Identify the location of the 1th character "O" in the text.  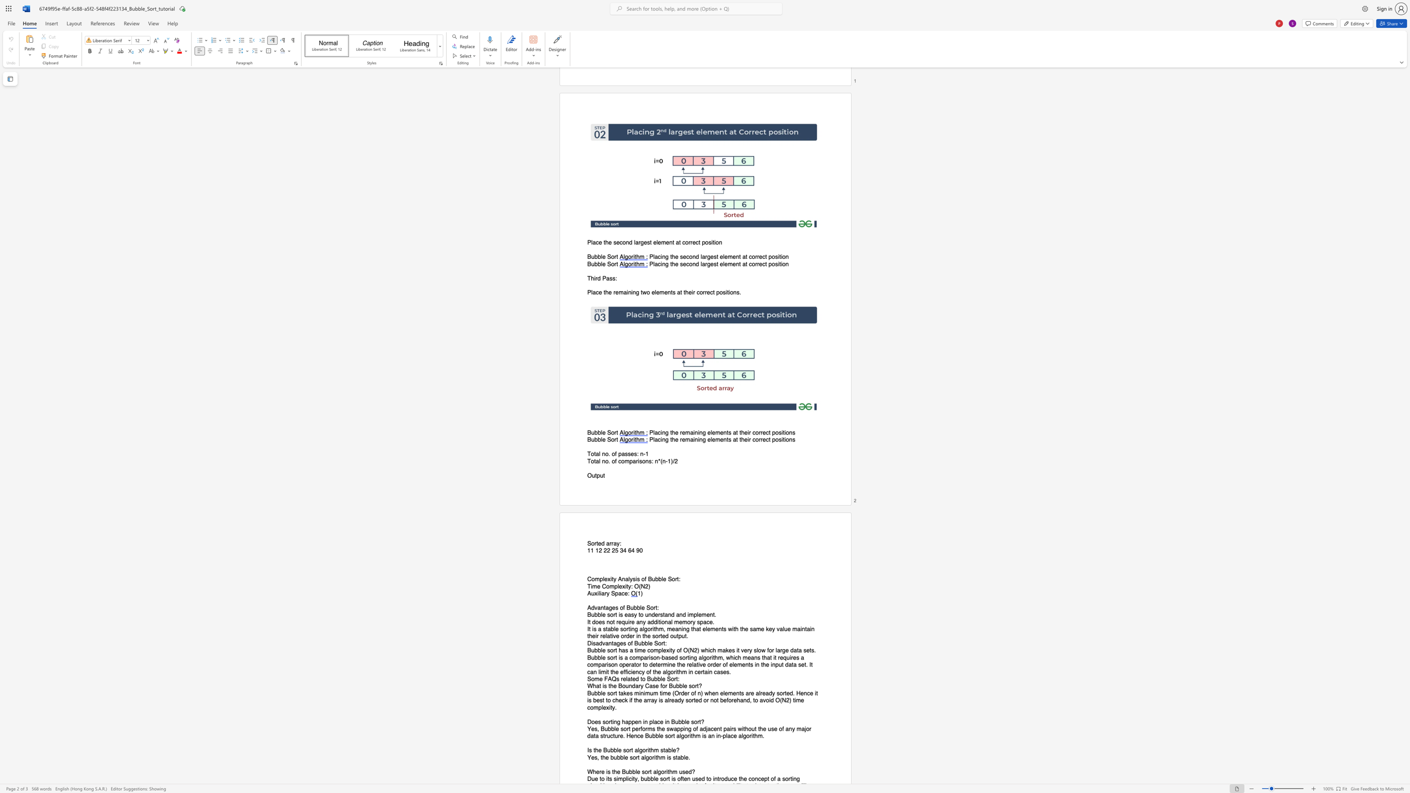
(685, 650).